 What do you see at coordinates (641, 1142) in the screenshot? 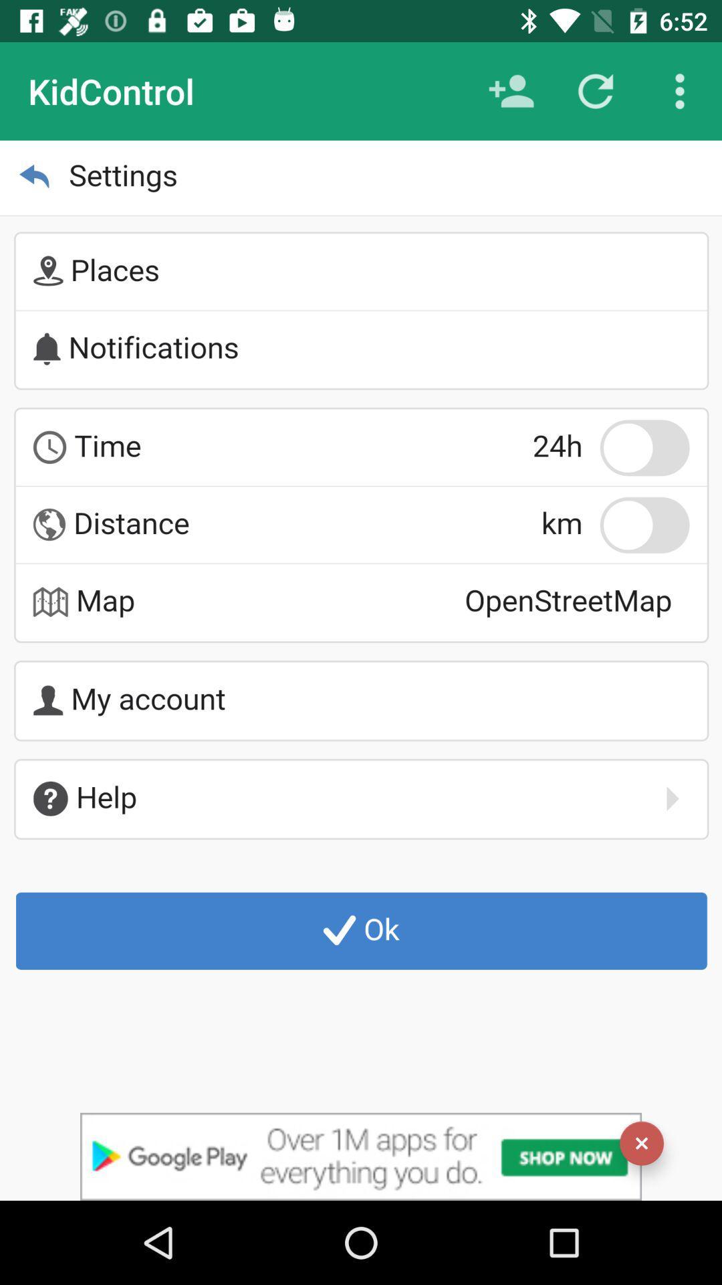
I see `the close icon` at bounding box center [641, 1142].